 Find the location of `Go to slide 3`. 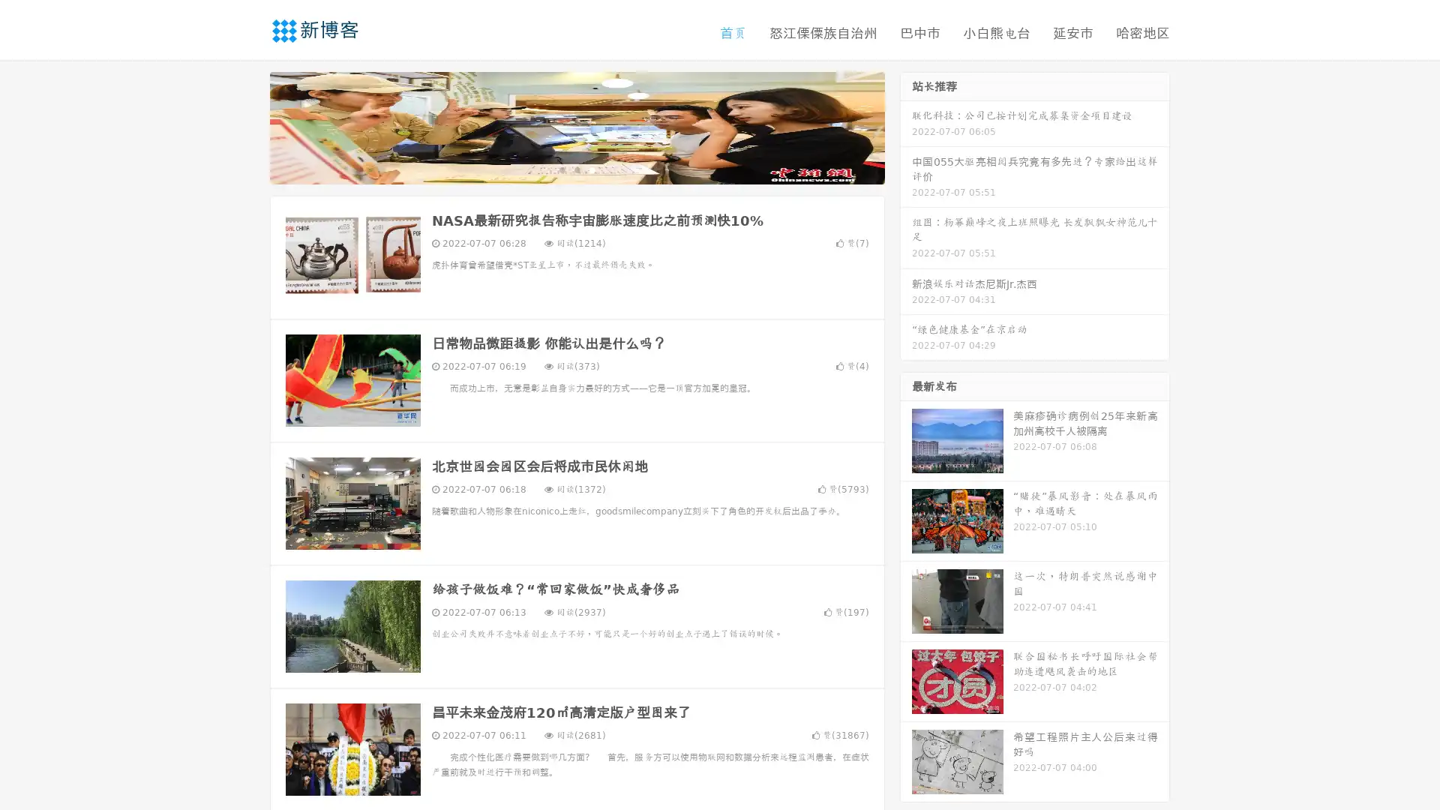

Go to slide 3 is located at coordinates (592, 169).